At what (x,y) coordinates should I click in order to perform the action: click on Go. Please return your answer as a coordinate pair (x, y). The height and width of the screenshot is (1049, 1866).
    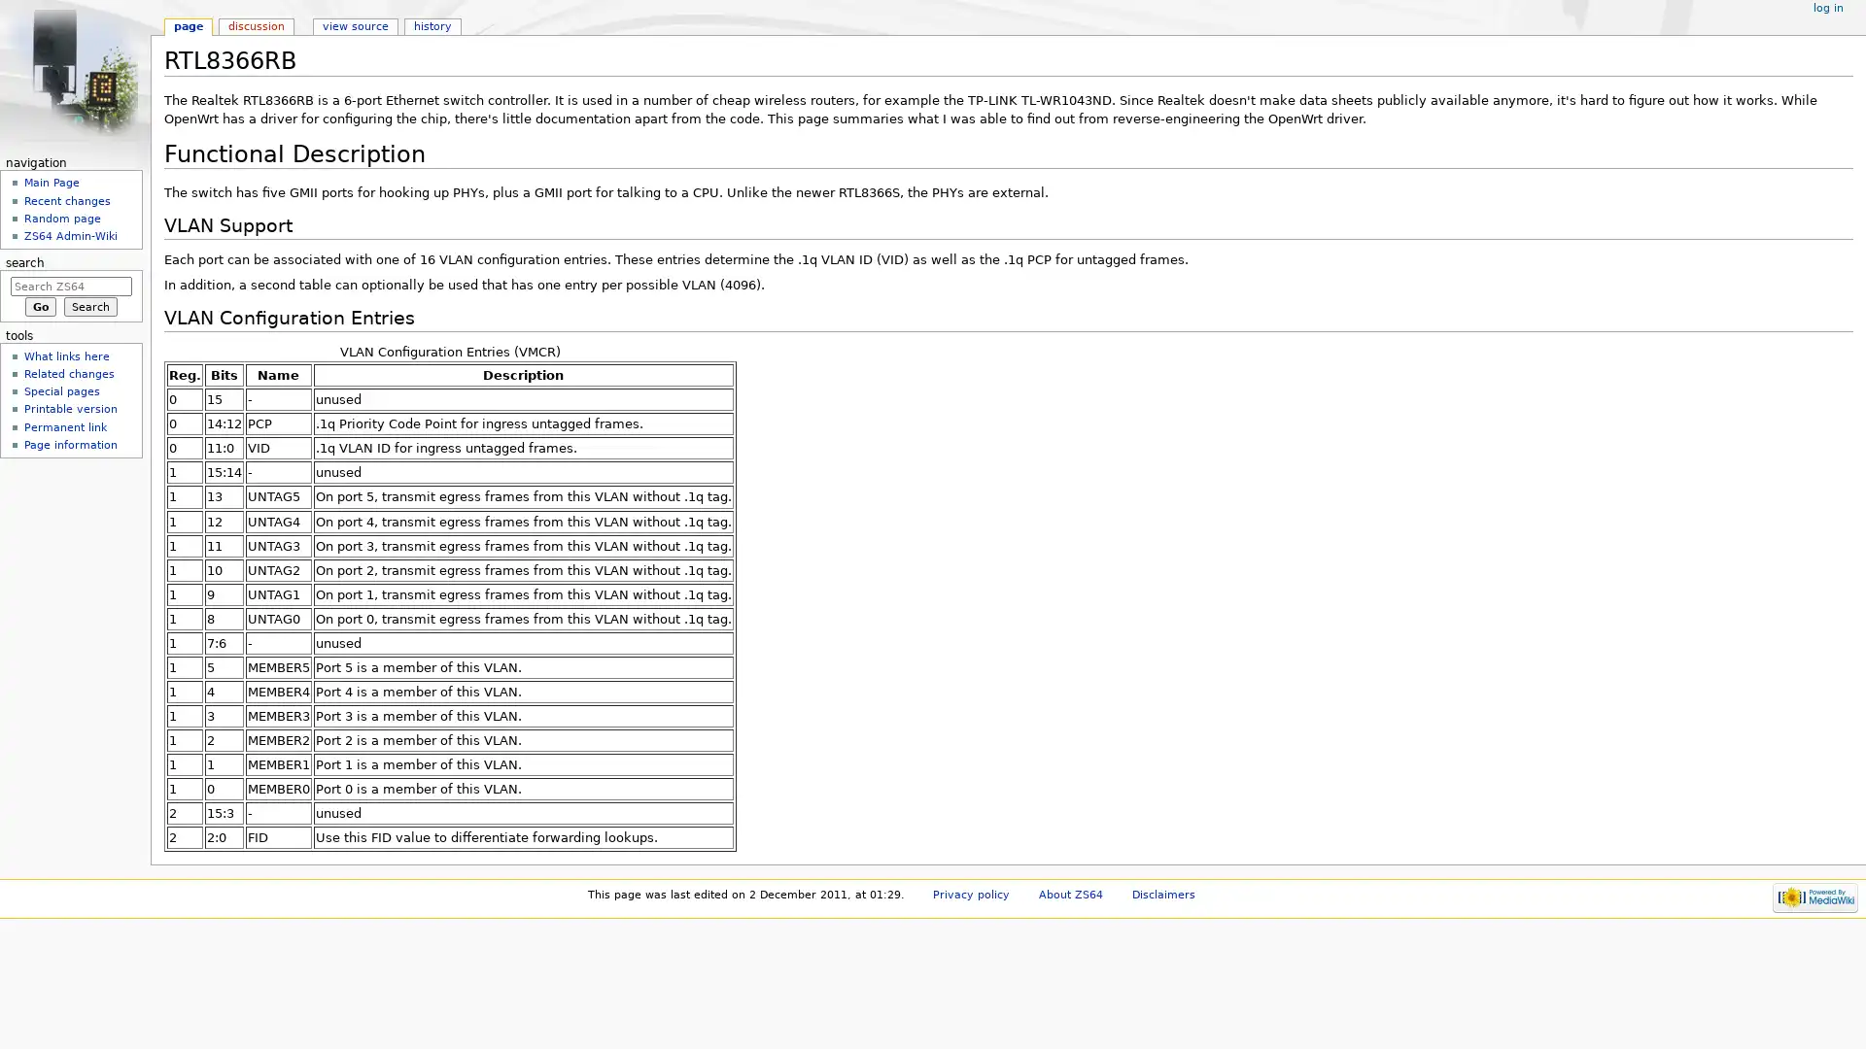
    Looking at the image, I should click on (40, 306).